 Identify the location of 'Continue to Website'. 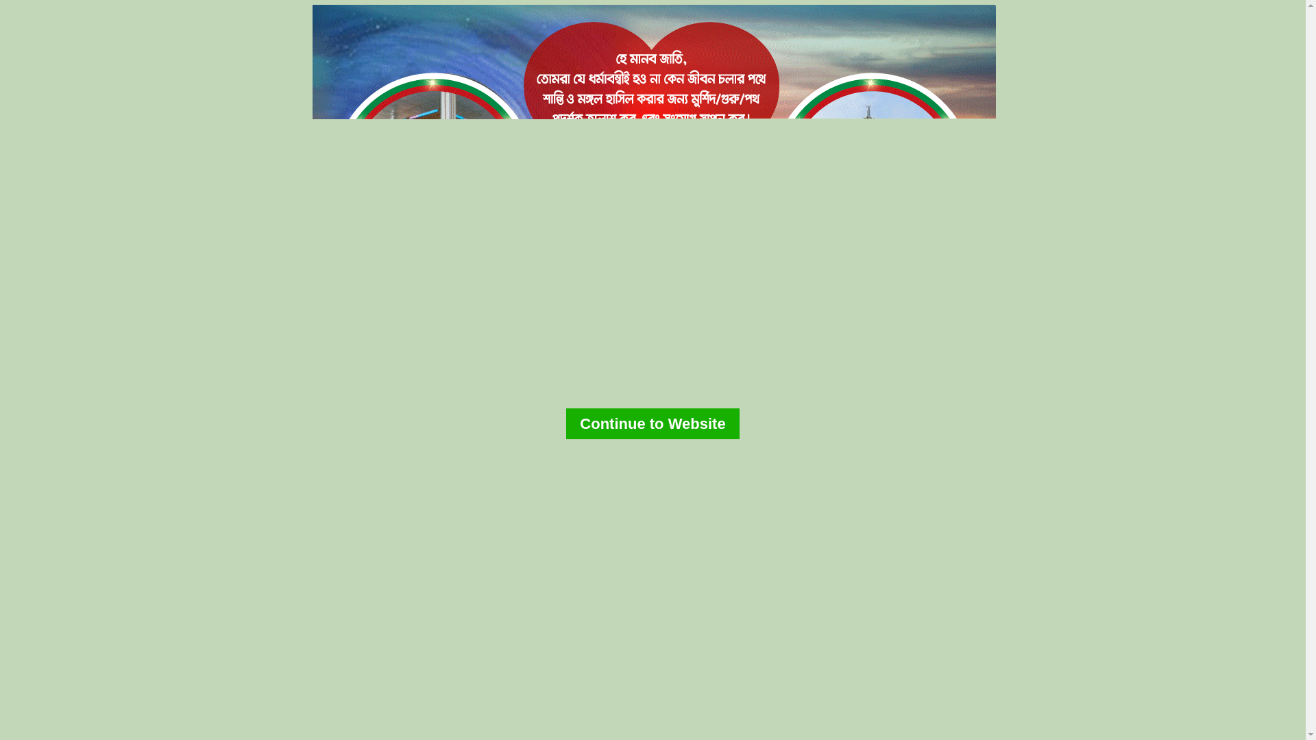
(651, 423).